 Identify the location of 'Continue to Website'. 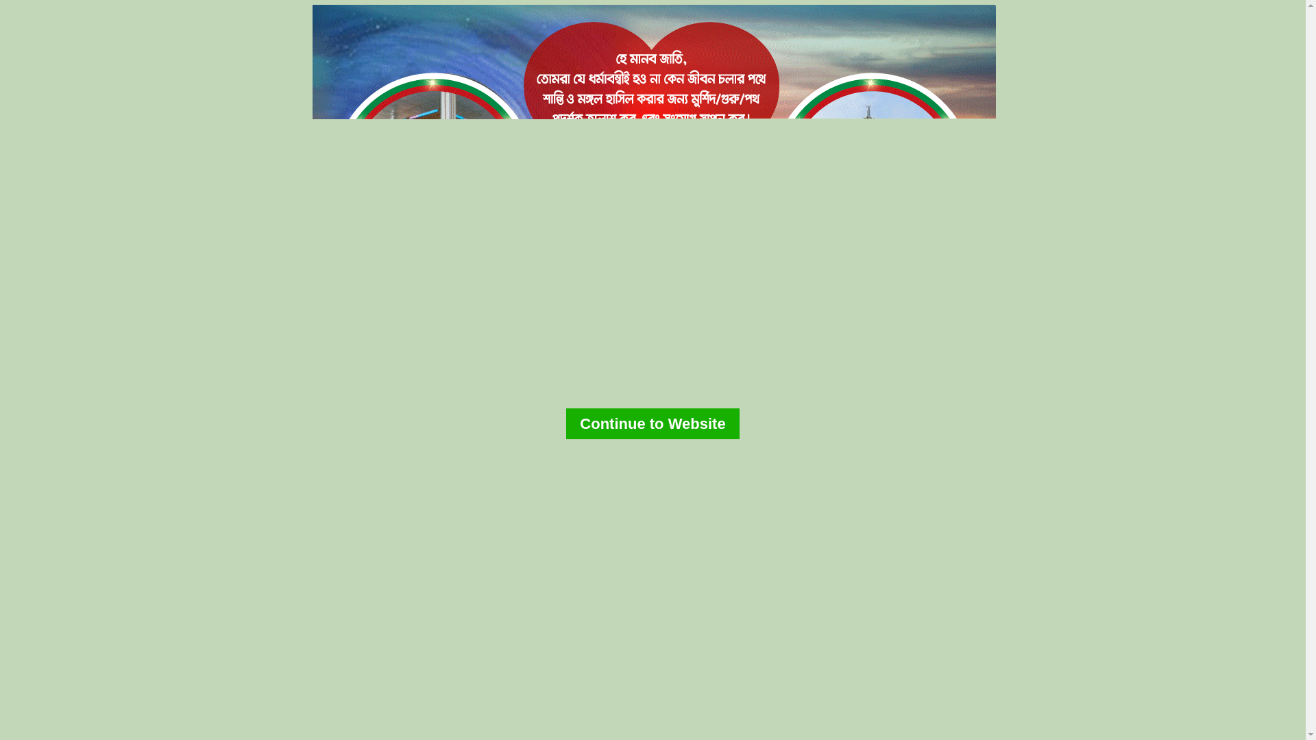
(651, 423).